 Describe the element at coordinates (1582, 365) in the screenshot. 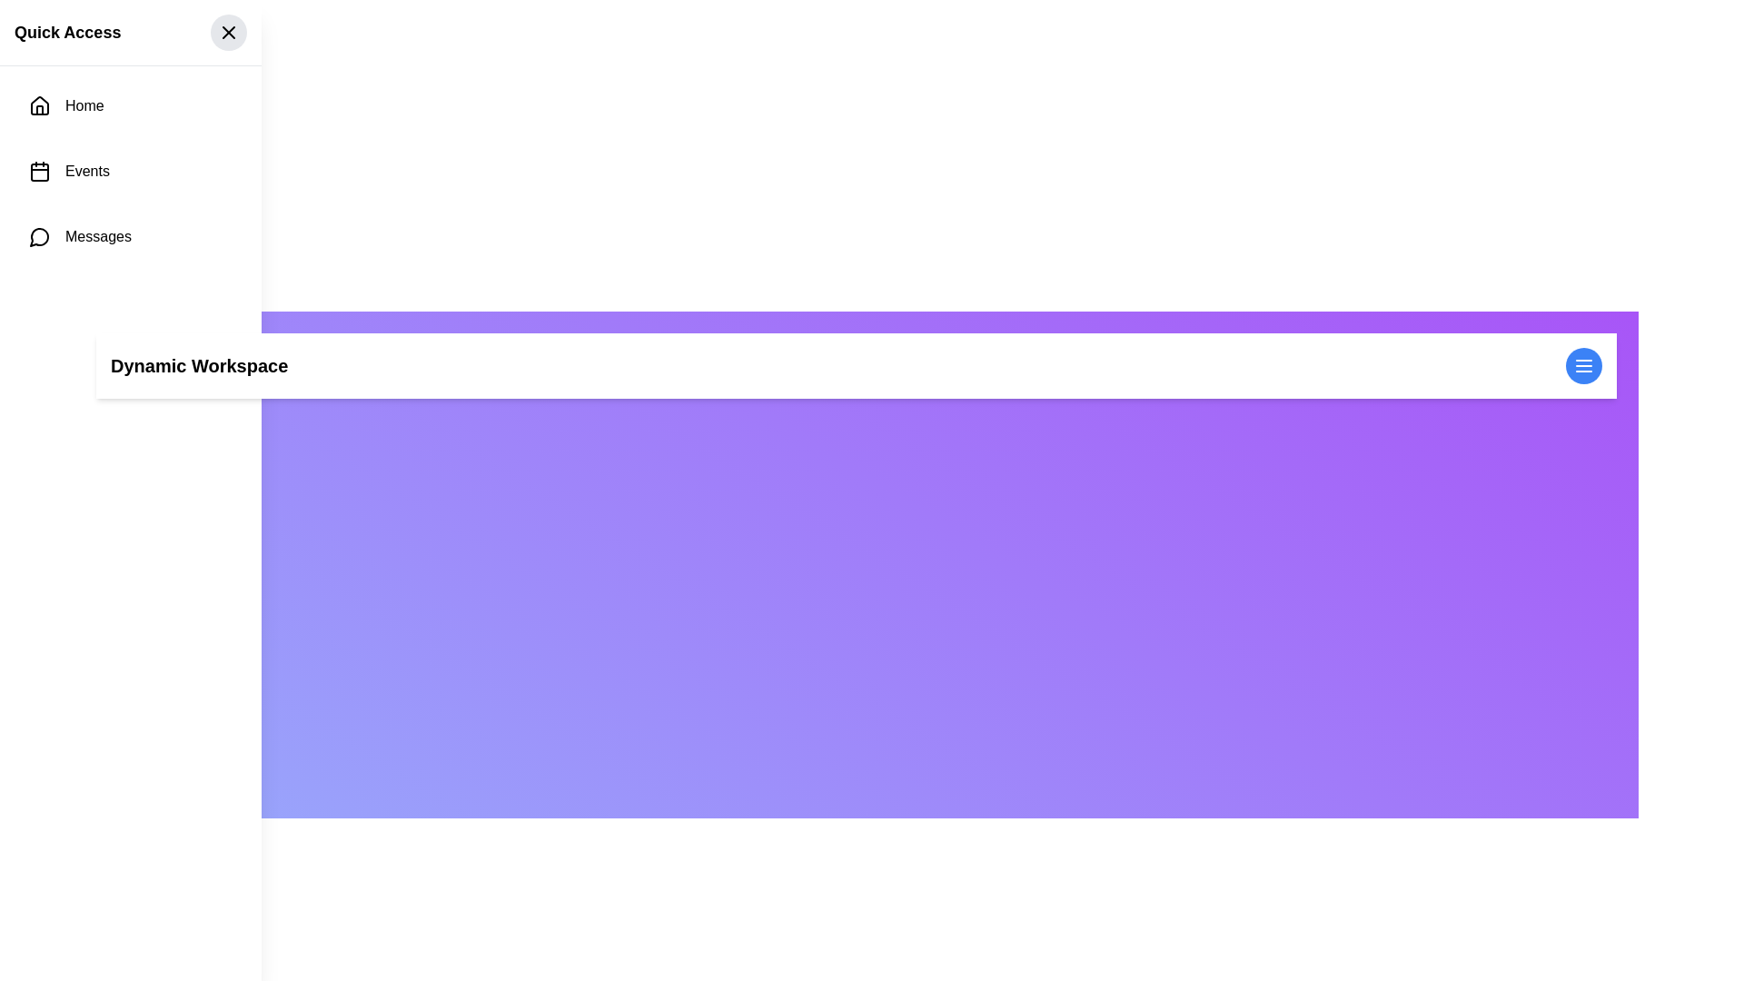

I see `the button located at the far right of the header section, adjacent to the 'Dynamic Workspace' text` at that location.